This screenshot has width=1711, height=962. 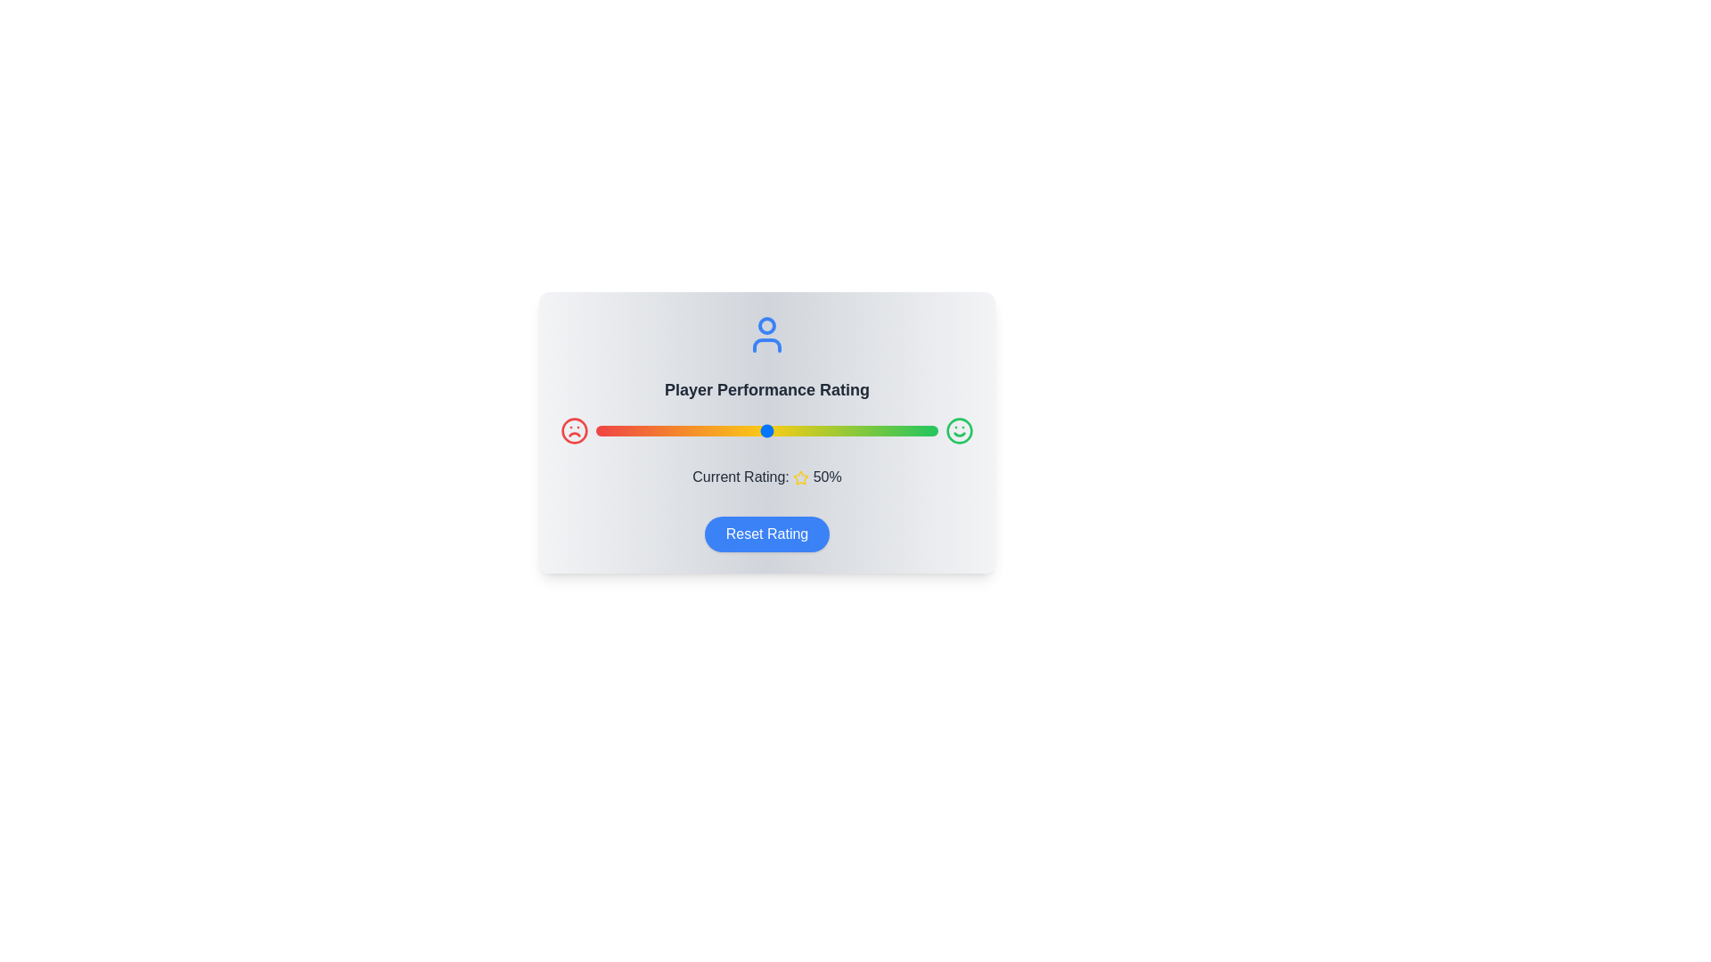 I want to click on the slider to set the rating to 58%, so click(x=793, y=430).